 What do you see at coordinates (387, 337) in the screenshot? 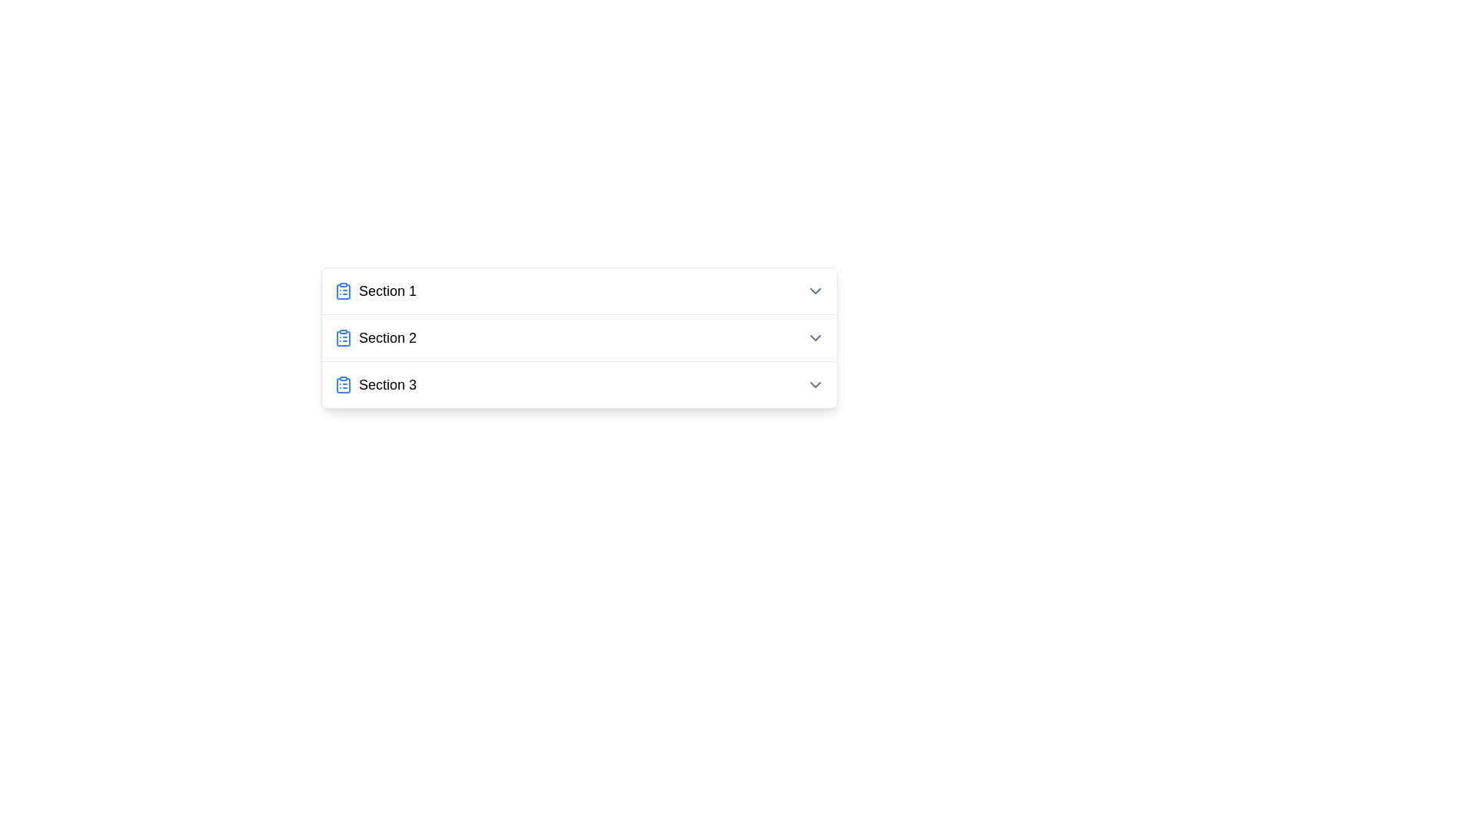
I see `the static text displaying 'Section 2', which is styled with a large font size and medium weight, located in the second row of the vertically stacked menu list` at bounding box center [387, 337].